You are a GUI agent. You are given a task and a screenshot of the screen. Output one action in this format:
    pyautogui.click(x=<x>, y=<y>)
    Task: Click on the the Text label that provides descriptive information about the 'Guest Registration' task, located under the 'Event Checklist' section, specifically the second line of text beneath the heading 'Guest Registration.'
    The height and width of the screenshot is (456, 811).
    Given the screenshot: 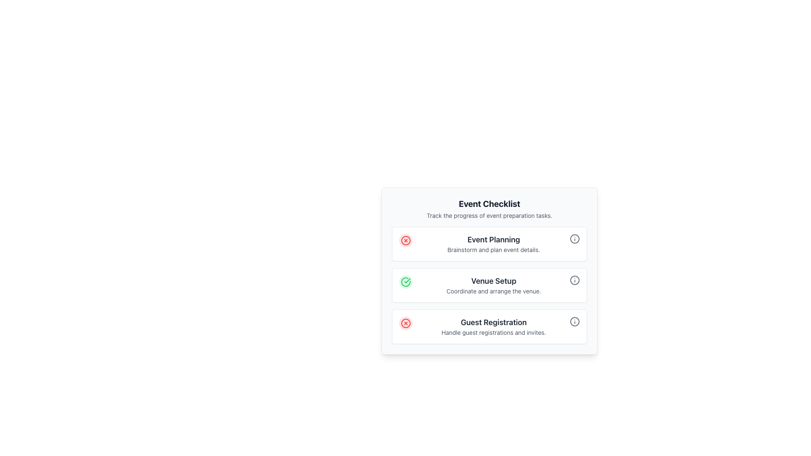 What is the action you would take?
    pyautogui.click(x=494, y=332)
    